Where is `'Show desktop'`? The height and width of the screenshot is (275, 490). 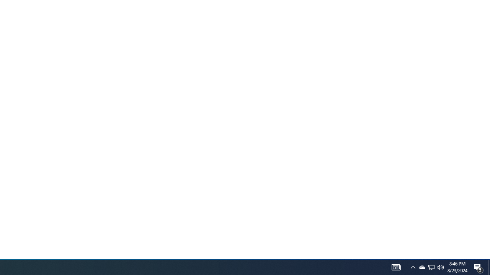
'Show desktop' is located at coordinates (479, 267).